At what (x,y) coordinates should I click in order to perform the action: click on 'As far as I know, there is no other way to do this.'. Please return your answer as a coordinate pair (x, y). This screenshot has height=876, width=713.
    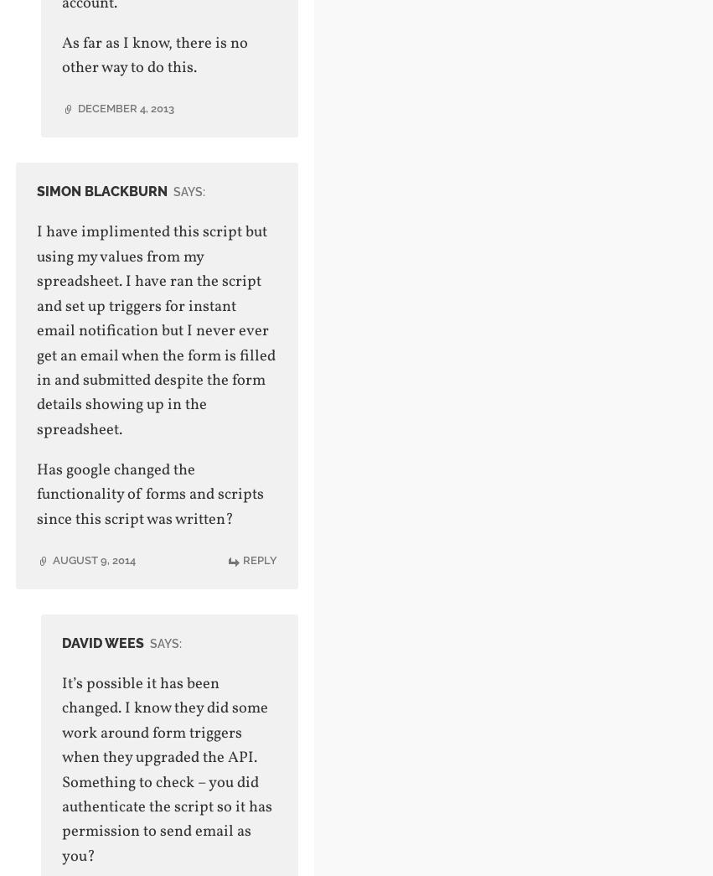
    Looking at the image, I should click on (152, 55).